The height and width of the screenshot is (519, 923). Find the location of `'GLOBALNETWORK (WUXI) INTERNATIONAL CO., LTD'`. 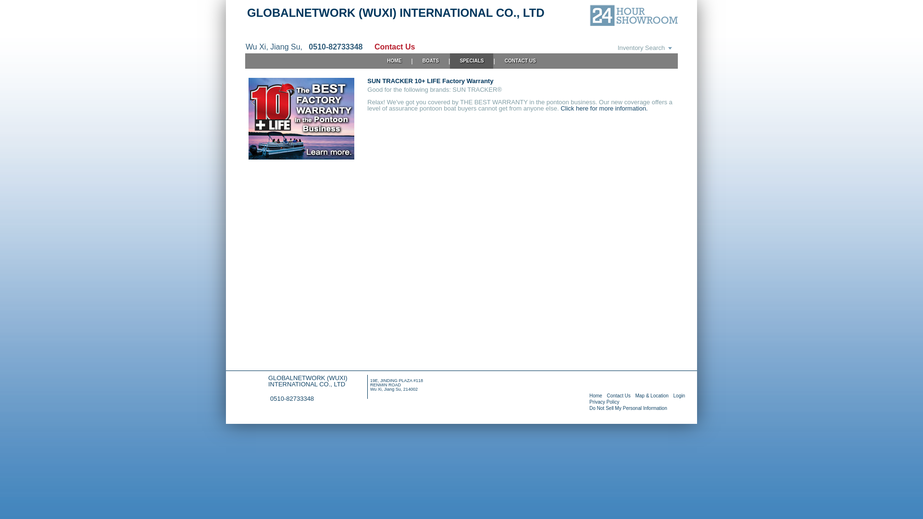

'GLOBALNETWORK (WUXI) INTERNATIONAL CO., LTD' is located at coordinates (396, 12).